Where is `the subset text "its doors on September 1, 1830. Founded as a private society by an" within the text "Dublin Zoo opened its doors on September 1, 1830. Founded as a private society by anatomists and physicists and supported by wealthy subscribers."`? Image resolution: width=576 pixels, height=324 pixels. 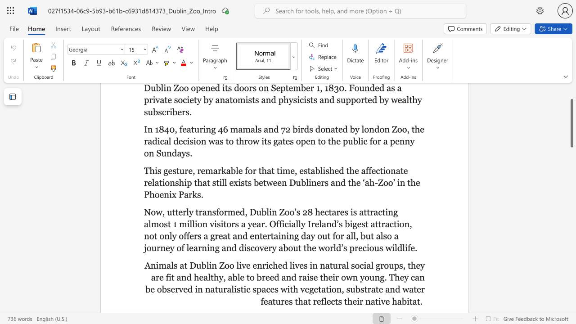
the subset text "its doors on September 1, 1830. Founded as a private society by an" within the text "Dublin Zoo opened its doors on September 1, 1830. Founded as a private society by anatomists and physicists and supported by wealthy subscribers." is located at coordinates (222, 88).